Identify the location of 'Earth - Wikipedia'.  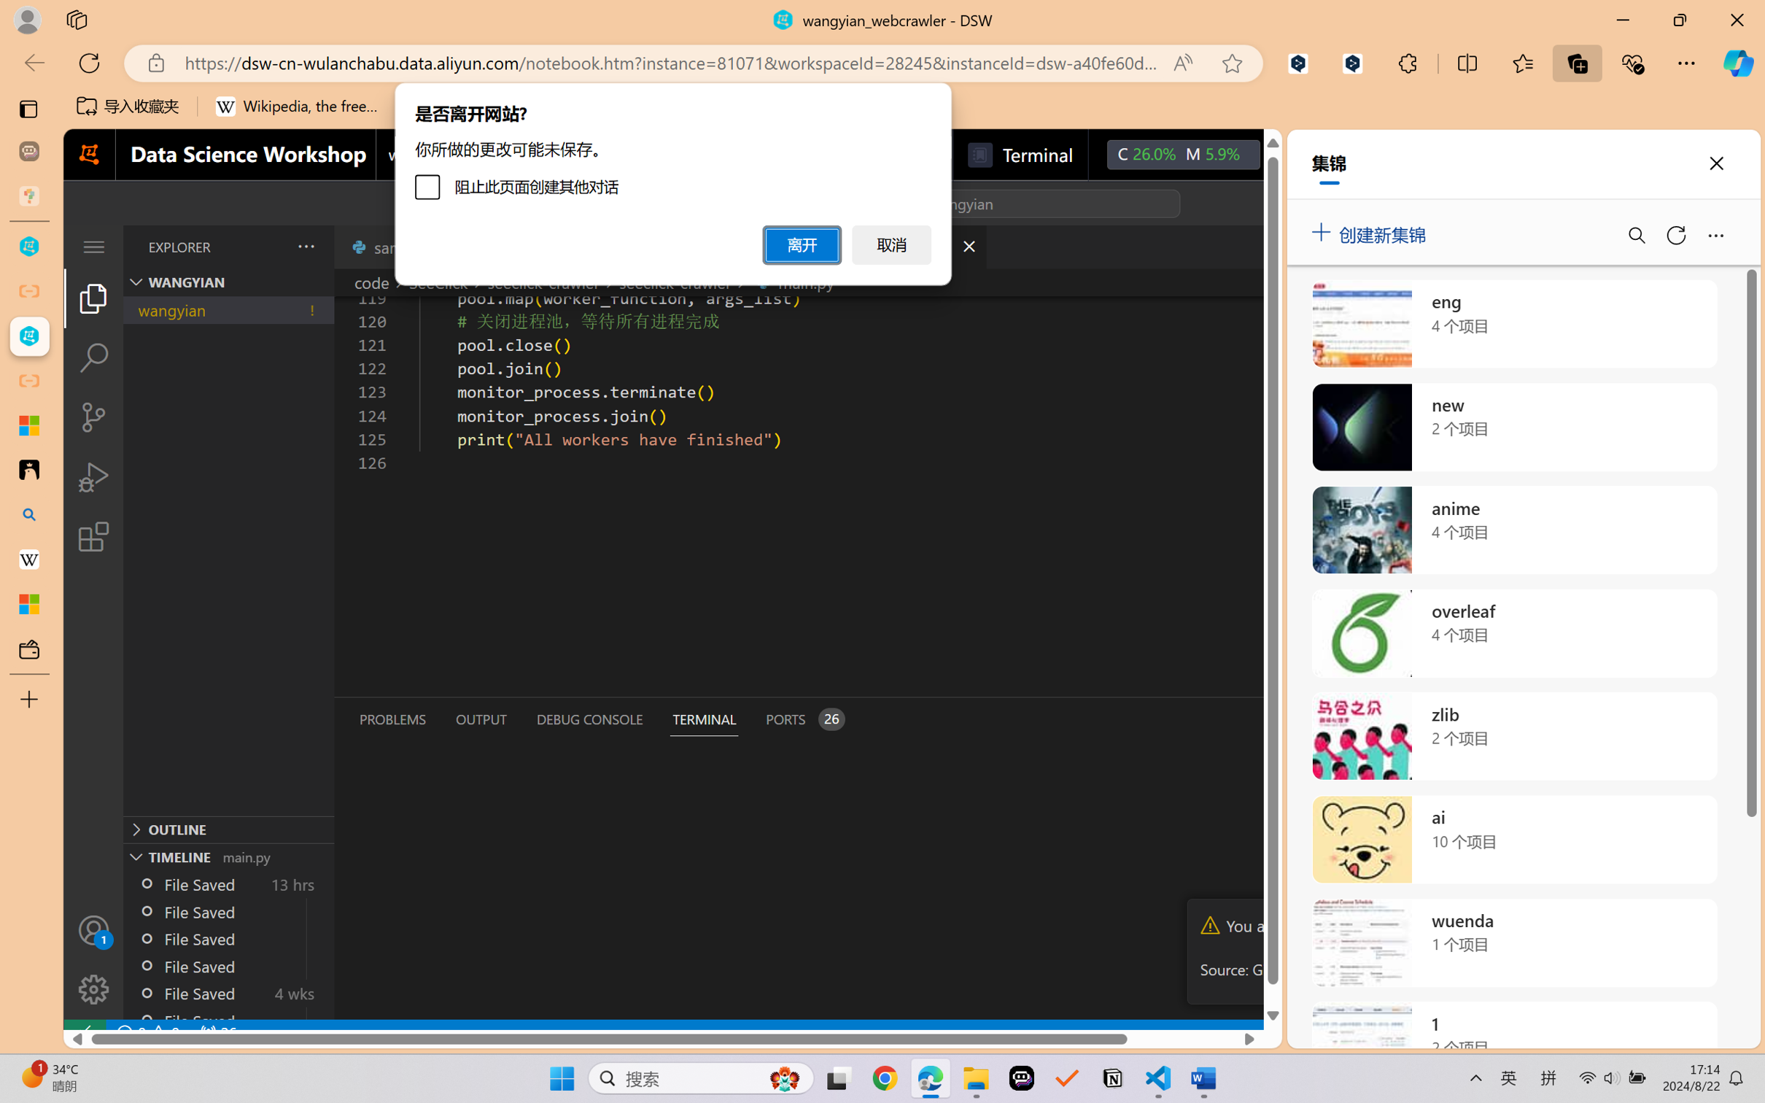
(28, 558).